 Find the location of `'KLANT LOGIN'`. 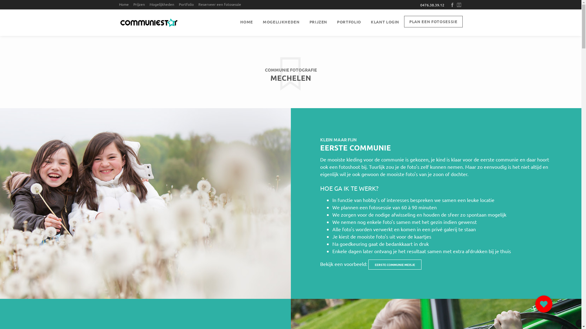

'KLANT LOGIN' is located at coordinates (385, 22).